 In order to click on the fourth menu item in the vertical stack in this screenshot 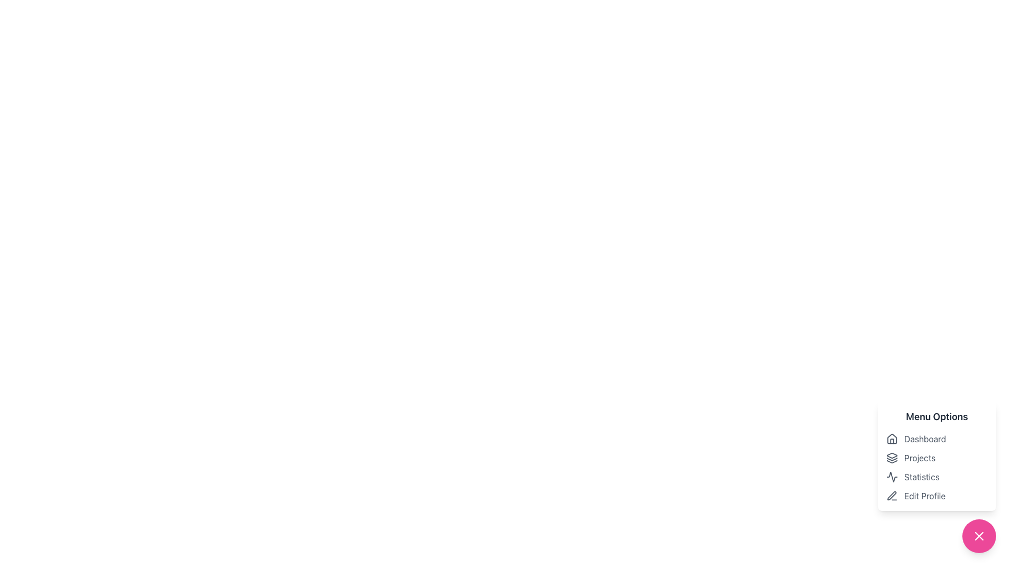, I will do `click(937, 496)`.